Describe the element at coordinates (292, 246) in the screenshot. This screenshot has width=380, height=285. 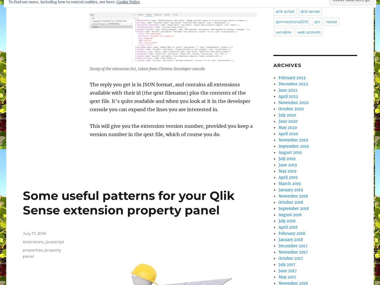
I see `'December 2017'` at that location.